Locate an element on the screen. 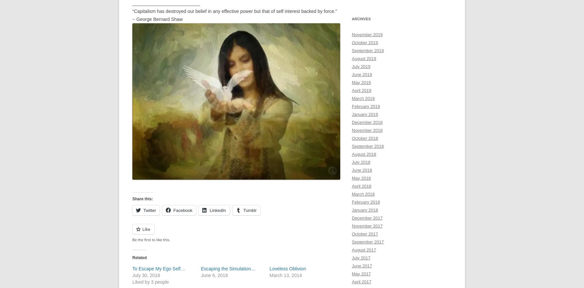  'Share this:' is located at coordinates (142, 198).